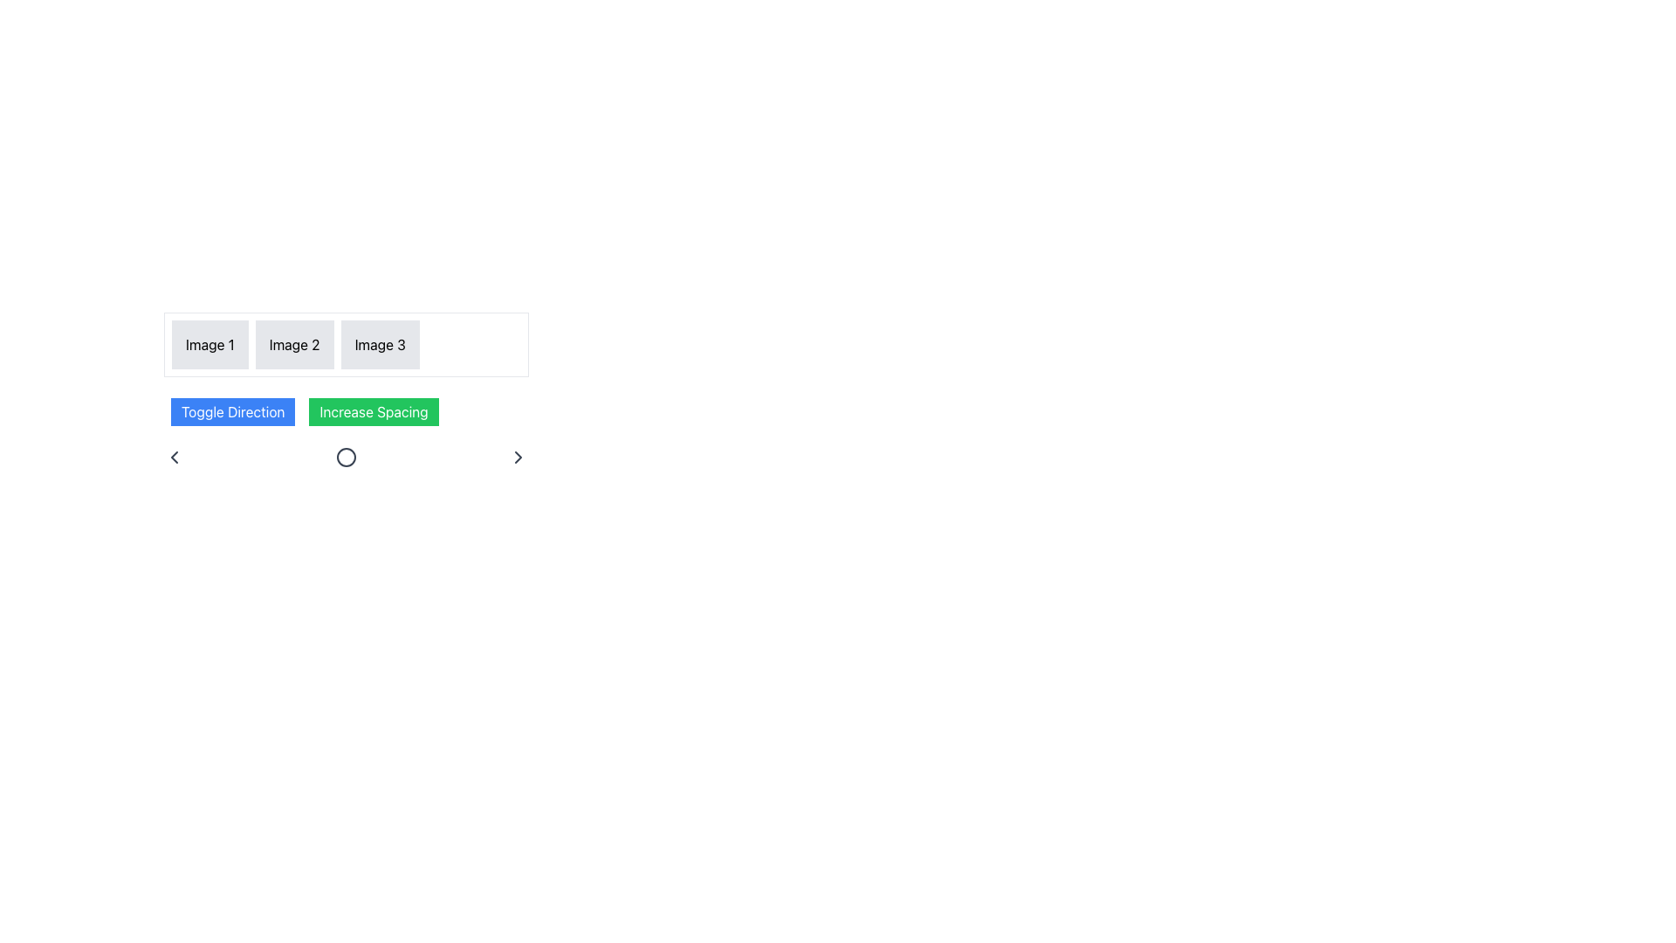 The width and height of the screenshot is (1676, 943). What do you see at coordinates (232, 411) in the screenshot?
I see `the leftmost button located below a row of three labeled images` at bounding box center [232, 411].